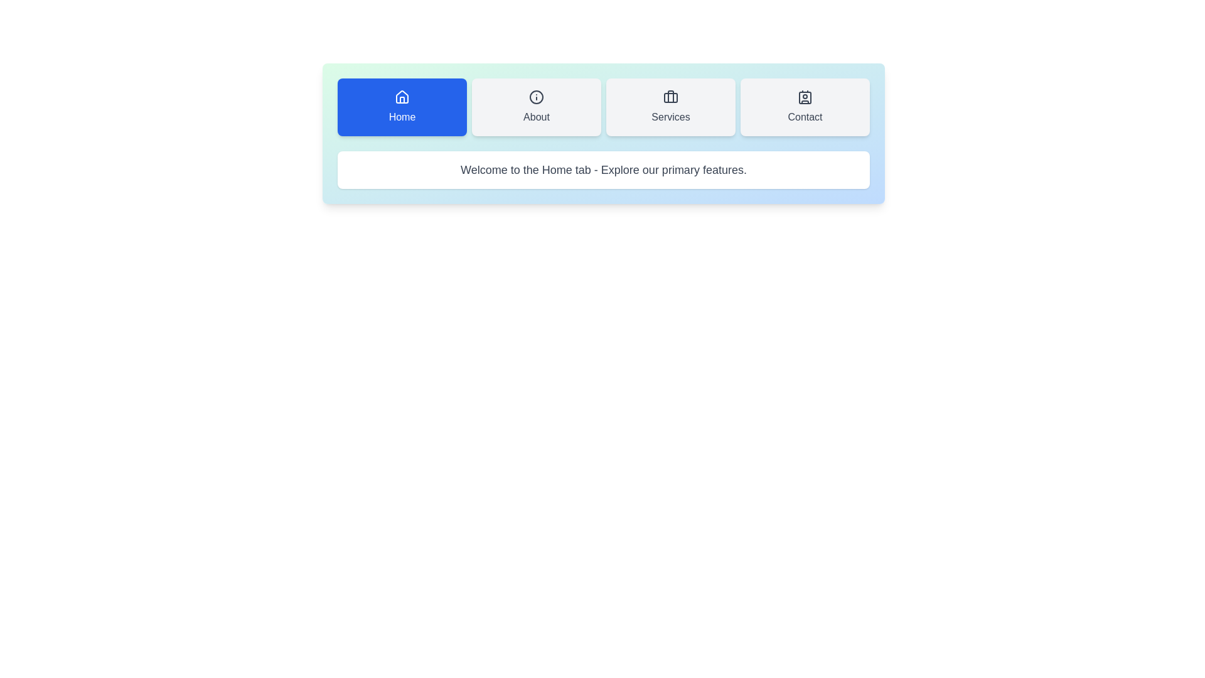 The image size is (1205, 678). Describe the element at coordinates (402, 117) in the screenshot. I see `the 'Home' text label, which is the first button on the far left of the navigation bar containing similar buttons like 'About', 'Services', and 'Contact'` at that location.